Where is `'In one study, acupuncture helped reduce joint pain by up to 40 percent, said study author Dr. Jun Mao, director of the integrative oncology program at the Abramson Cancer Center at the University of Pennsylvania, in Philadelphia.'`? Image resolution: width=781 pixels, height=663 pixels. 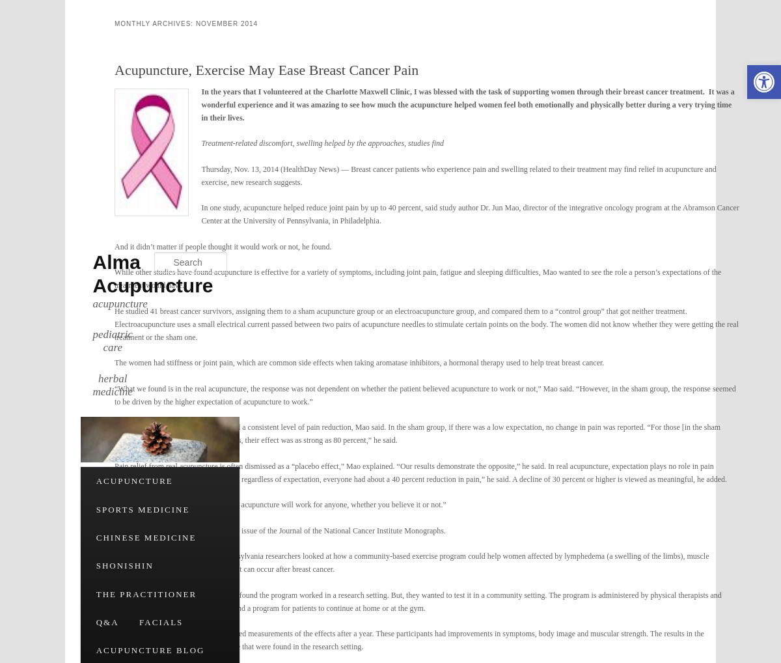
'In one study, acupuncture helped reduce joint pain by up to 40 percent, said study author Dr. Jun Mao, director of the integrative oncology program at the Abramson Cancer Center at the University of Pennsylvania, in Philadelphia.' is located at coordinates (201, 214).